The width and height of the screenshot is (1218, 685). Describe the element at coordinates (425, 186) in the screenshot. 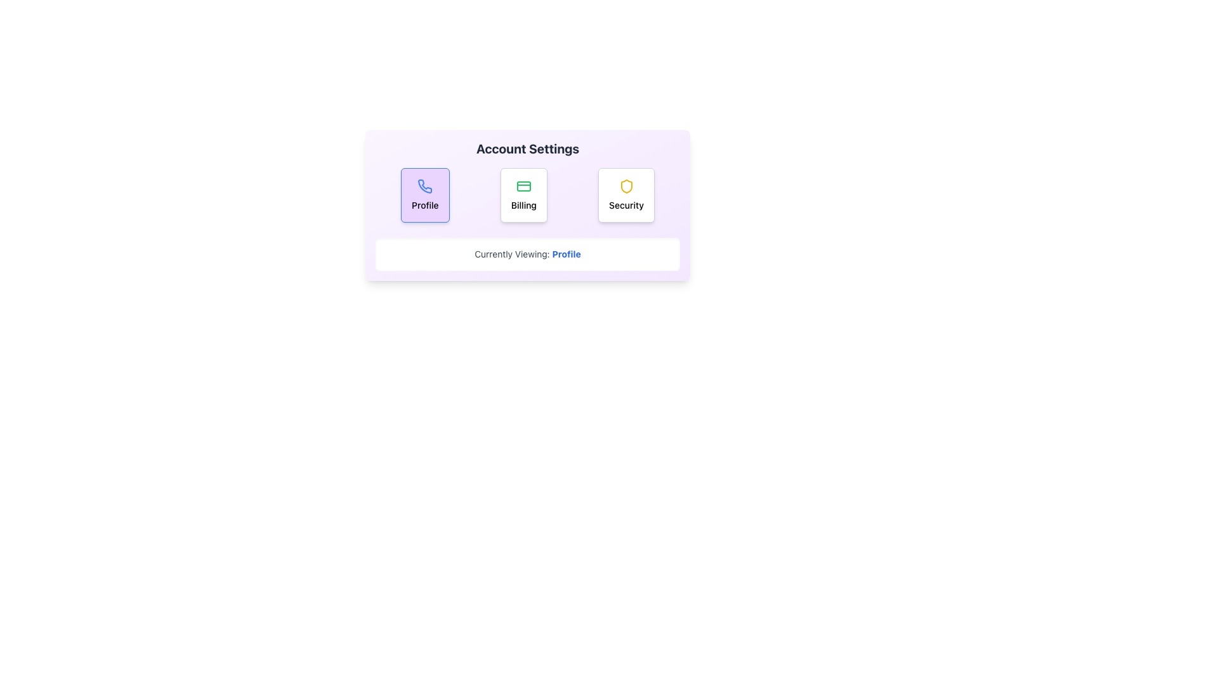

I see `the telephone icon located in the first card of the 'Profile' section, which provides contact-related functionality` at that location.